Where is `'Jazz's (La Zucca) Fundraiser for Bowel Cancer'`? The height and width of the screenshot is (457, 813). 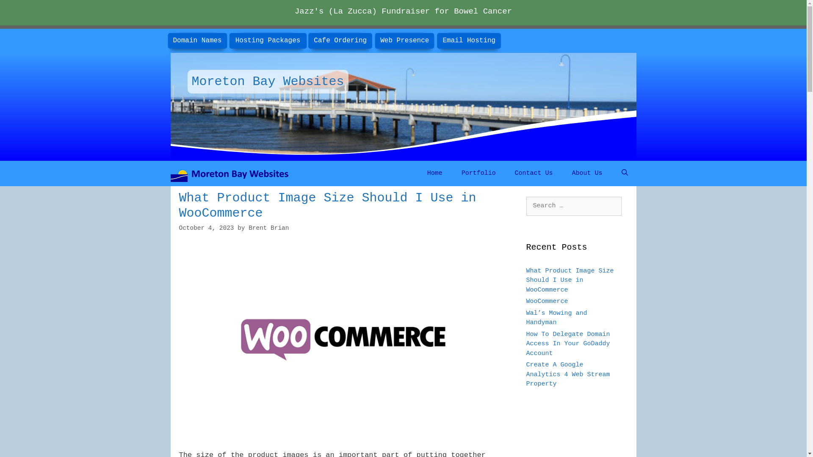 'Jazz's (La Zucca) Fundraiser for Bowel Cancer' is located at coordinates (403, 11).